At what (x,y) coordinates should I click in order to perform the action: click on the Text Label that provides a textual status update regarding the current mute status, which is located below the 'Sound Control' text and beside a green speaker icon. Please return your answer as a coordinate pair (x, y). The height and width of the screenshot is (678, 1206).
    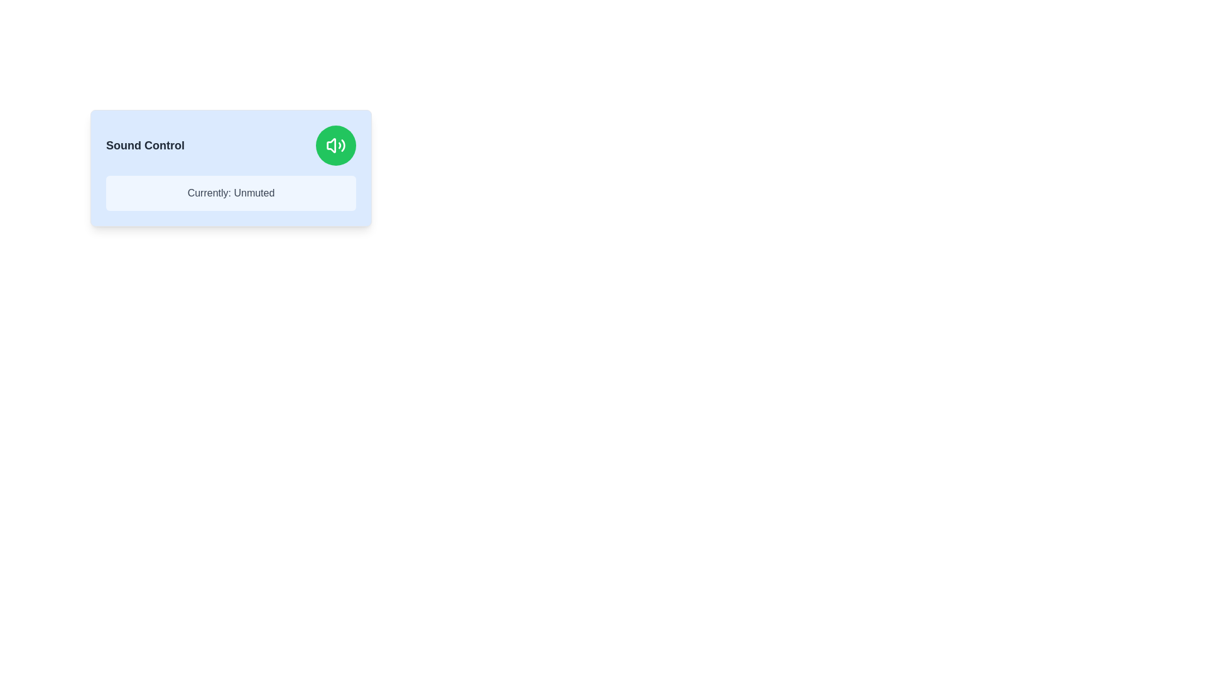
    Looking at the image, I should click on (231, 193).